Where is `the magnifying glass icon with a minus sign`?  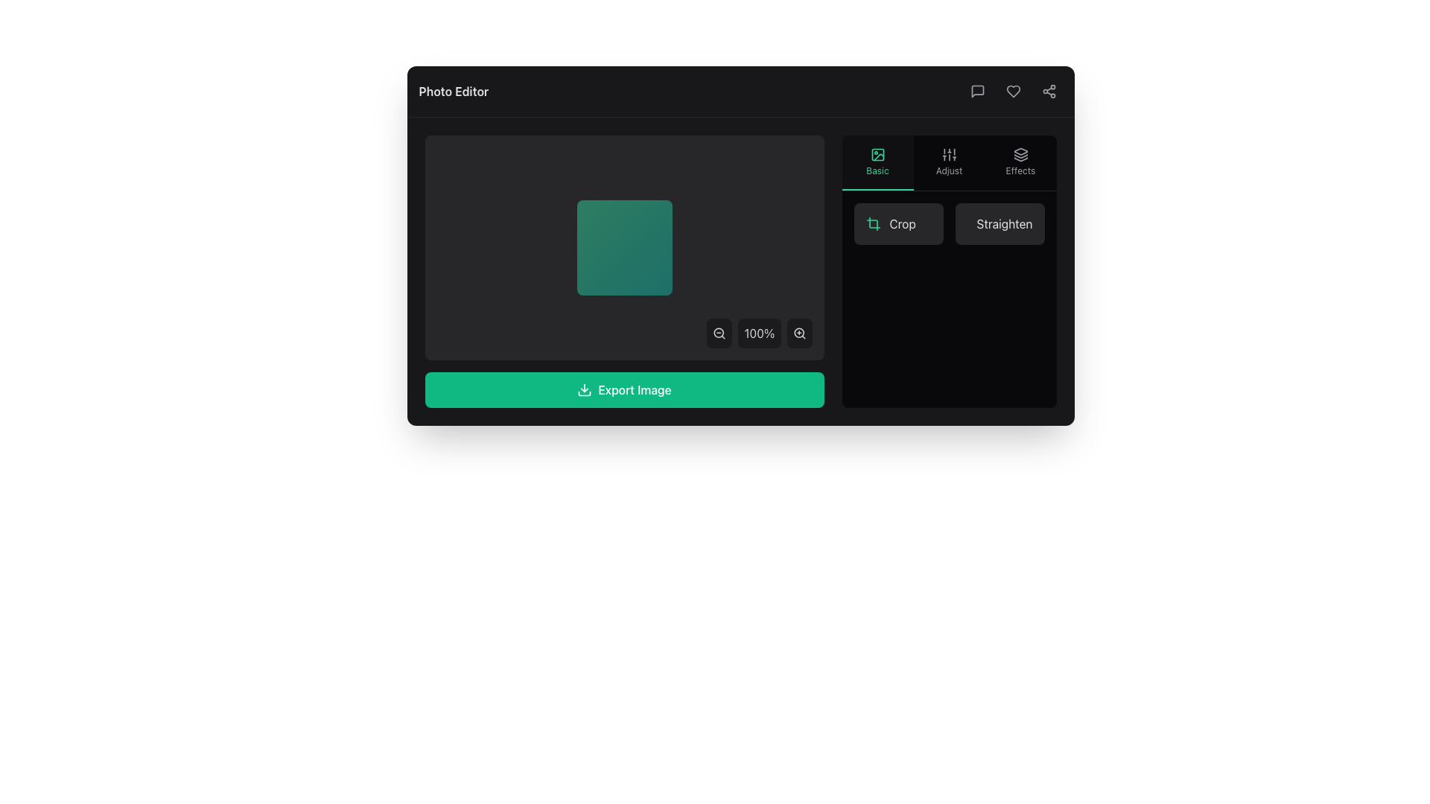
the magnifying glass icon with a minus sign is located at coordinates (719, 332).